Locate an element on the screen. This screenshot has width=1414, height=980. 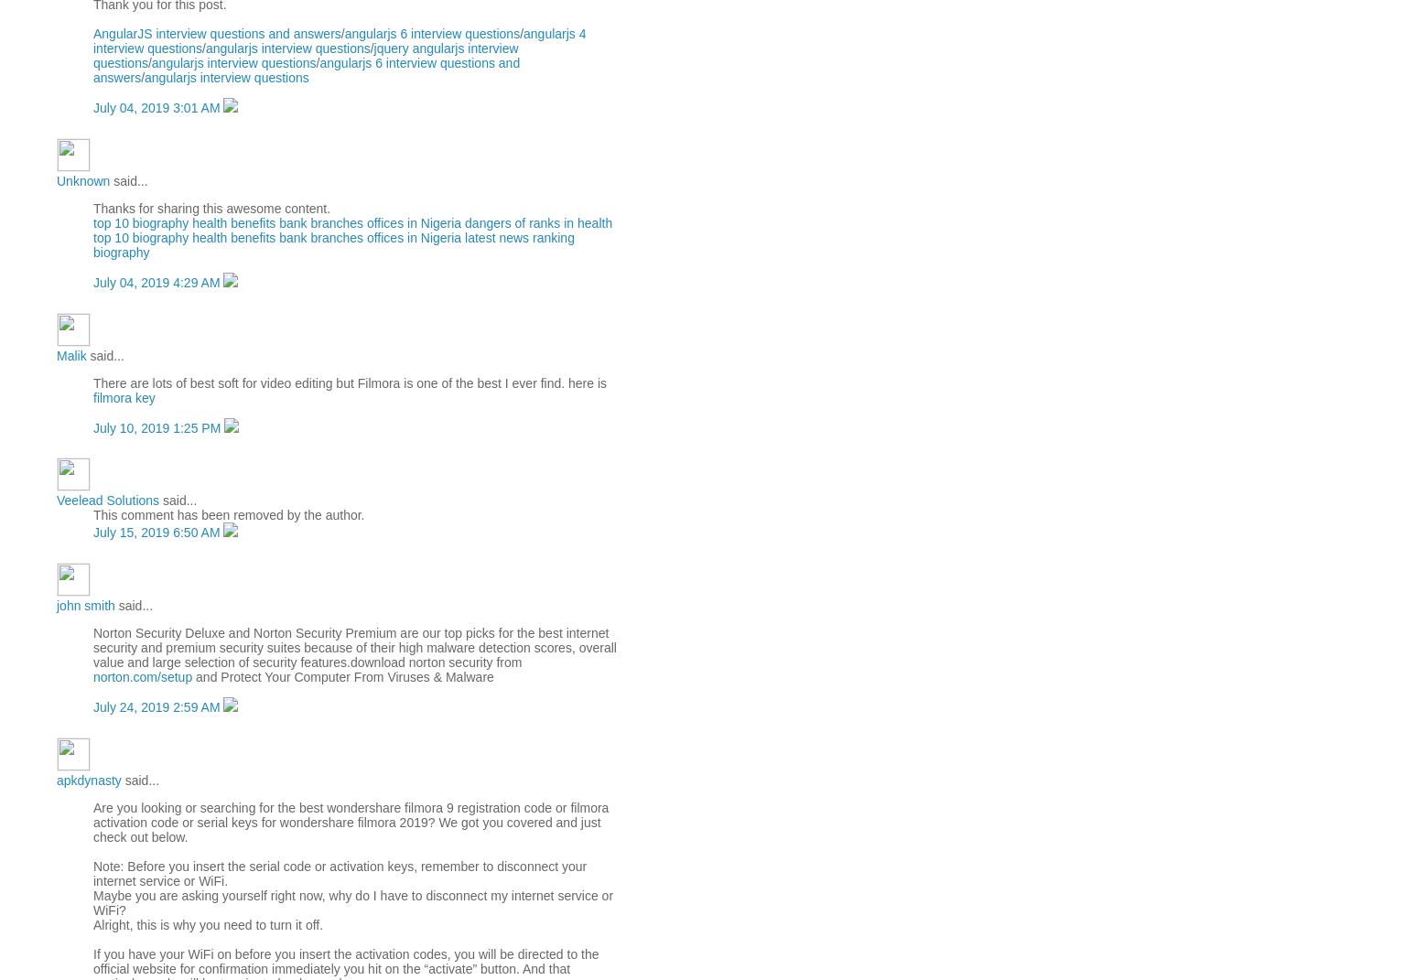
'Are you looking or searching for the best wondershare filmora 9 registration code or filmora activation code or serial keys for wondershare filmora 2019? We got you covered and just check out below.' is located at coordinates (350, 822).